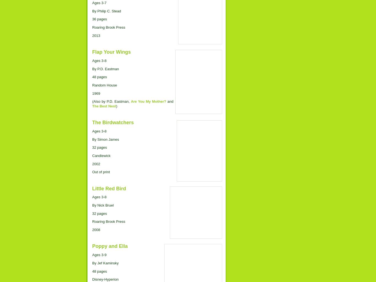 This screenshot has width=376, height=282. What do you see at coordinates (101, 155) in the screenshot?
I see `'Candlewick'` at bounding box center [101, 155].